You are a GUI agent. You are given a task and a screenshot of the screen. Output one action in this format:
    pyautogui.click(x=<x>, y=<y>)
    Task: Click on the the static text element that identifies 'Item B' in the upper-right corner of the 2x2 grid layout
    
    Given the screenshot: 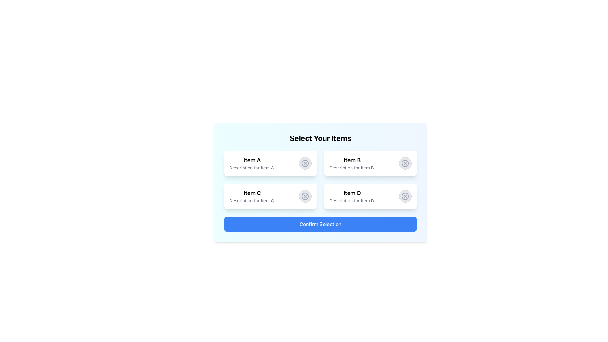 What is the action you would take?
    pyautogui.click(x=352, y=160)
    